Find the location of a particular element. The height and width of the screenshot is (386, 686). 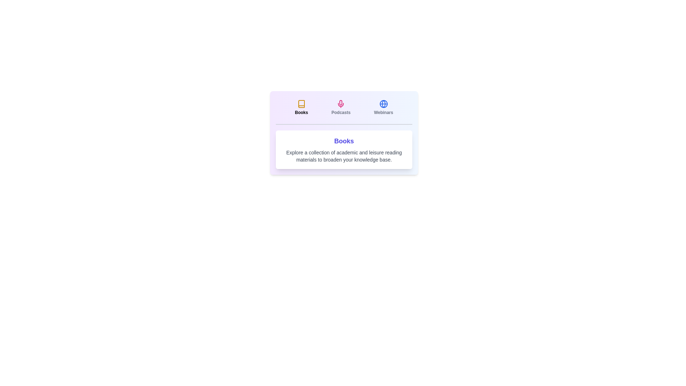

the Podcasts tab by clicking on it is located at coordinates (340, 107).